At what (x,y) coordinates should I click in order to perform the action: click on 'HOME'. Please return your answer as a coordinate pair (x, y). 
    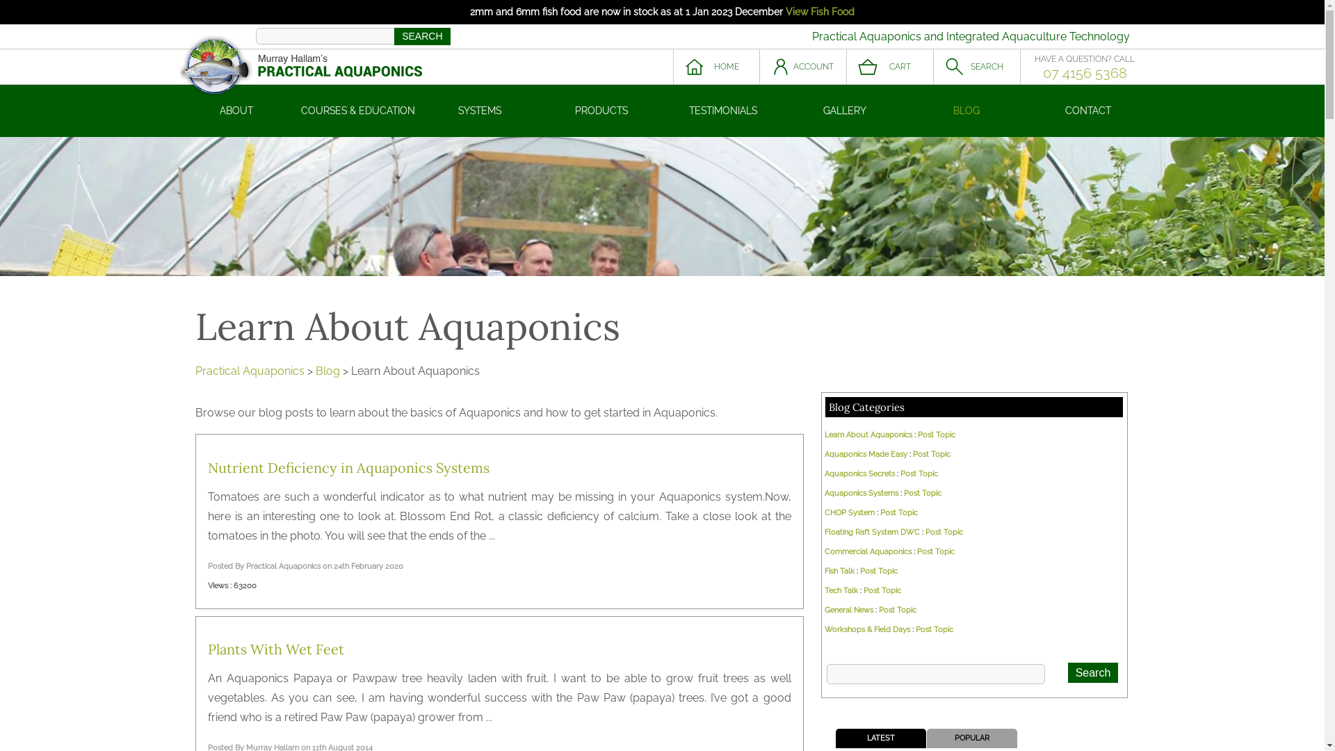
    Looking at the image, I should click on (716, 67).